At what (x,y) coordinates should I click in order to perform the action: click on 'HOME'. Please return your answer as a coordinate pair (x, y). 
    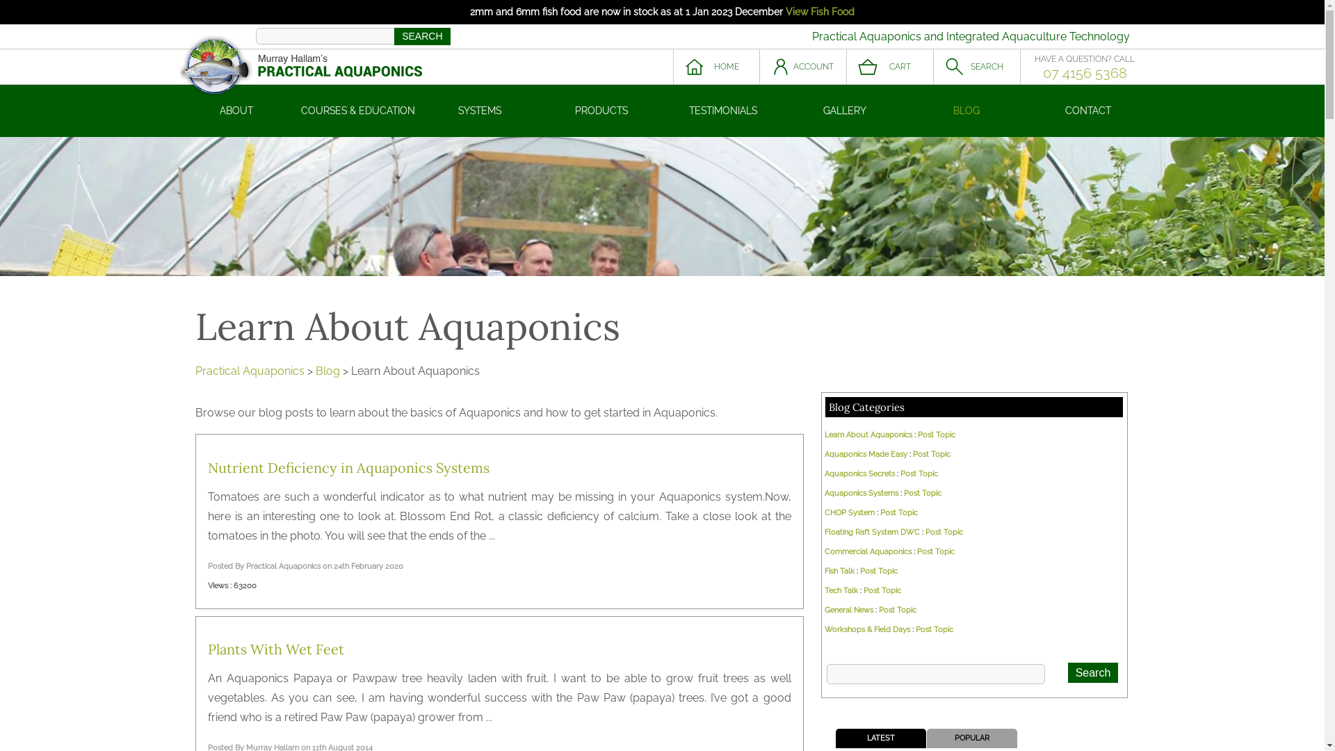
    Looking at the image, I should click on (716, 67).